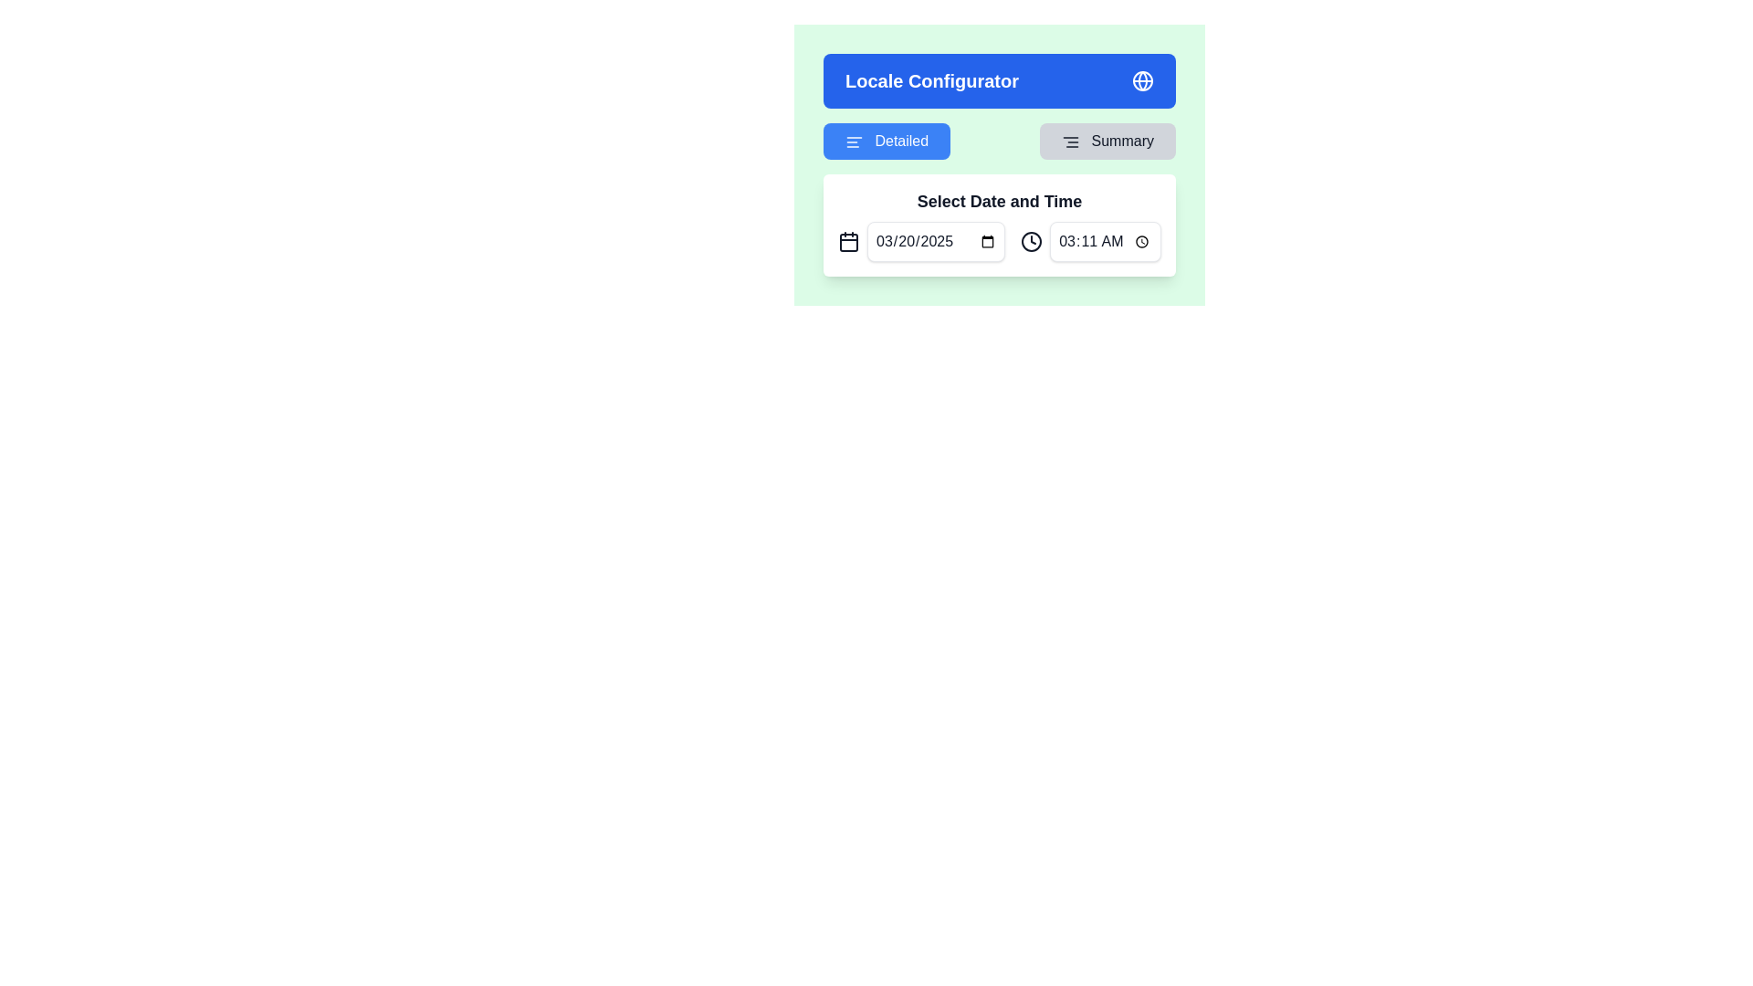  What do you see at coordinates (932, 79) in the screenshot?
I see `text displayed in bold, extra-large font in white color against a bright blue background, located near the top center of the interface` at bounding box center [932, 79].